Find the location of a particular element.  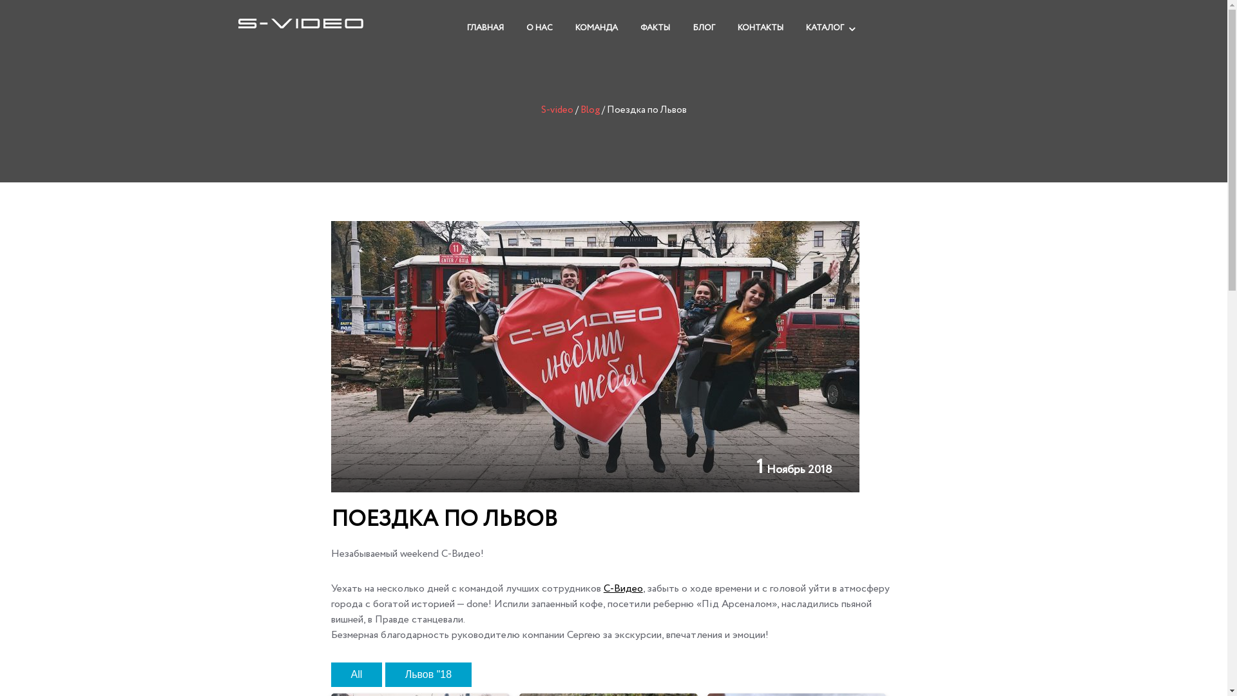

'All' is located at coordinates (331, 673).